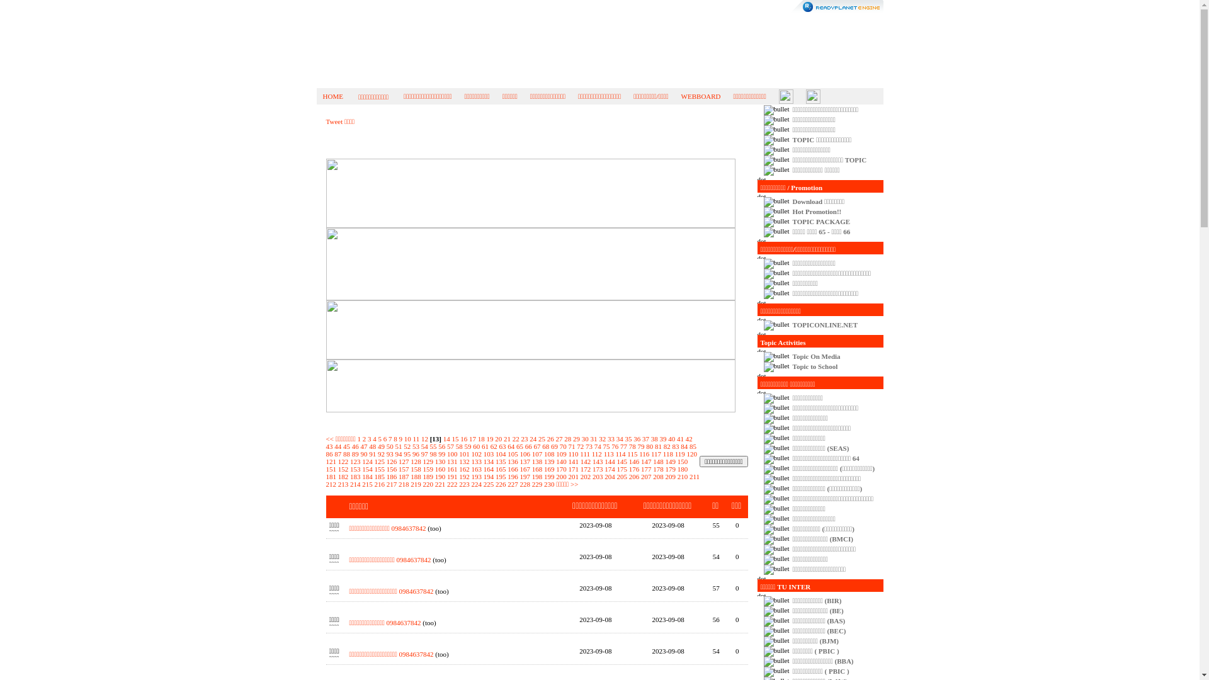 This screenshot has width=1209, height=680. I want to click on '124', so click(366, 461).